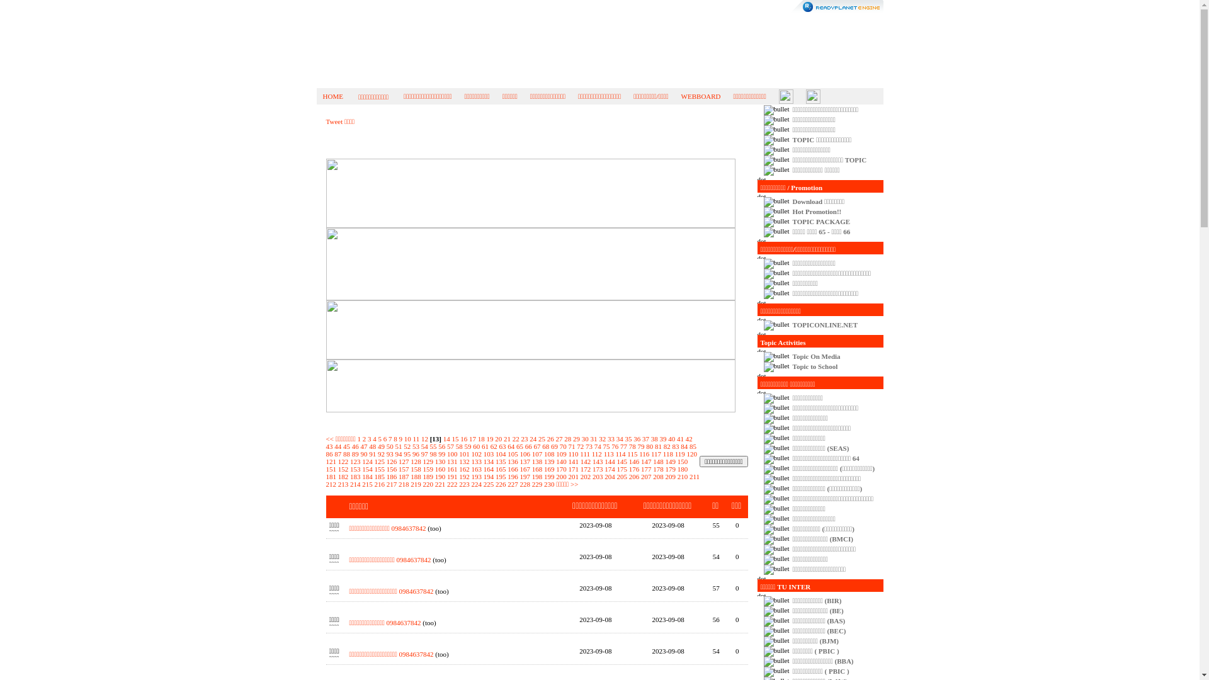 This screenshot has width=1209, height=680. I want to click on '124', so click(366, 461).